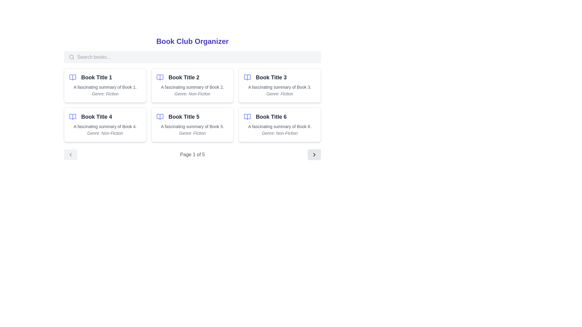 The width and height of the screenshot is (582, 327). I want to click on the navigation icon located inside the button at the bottom-left of the content section, so click(71, 154).